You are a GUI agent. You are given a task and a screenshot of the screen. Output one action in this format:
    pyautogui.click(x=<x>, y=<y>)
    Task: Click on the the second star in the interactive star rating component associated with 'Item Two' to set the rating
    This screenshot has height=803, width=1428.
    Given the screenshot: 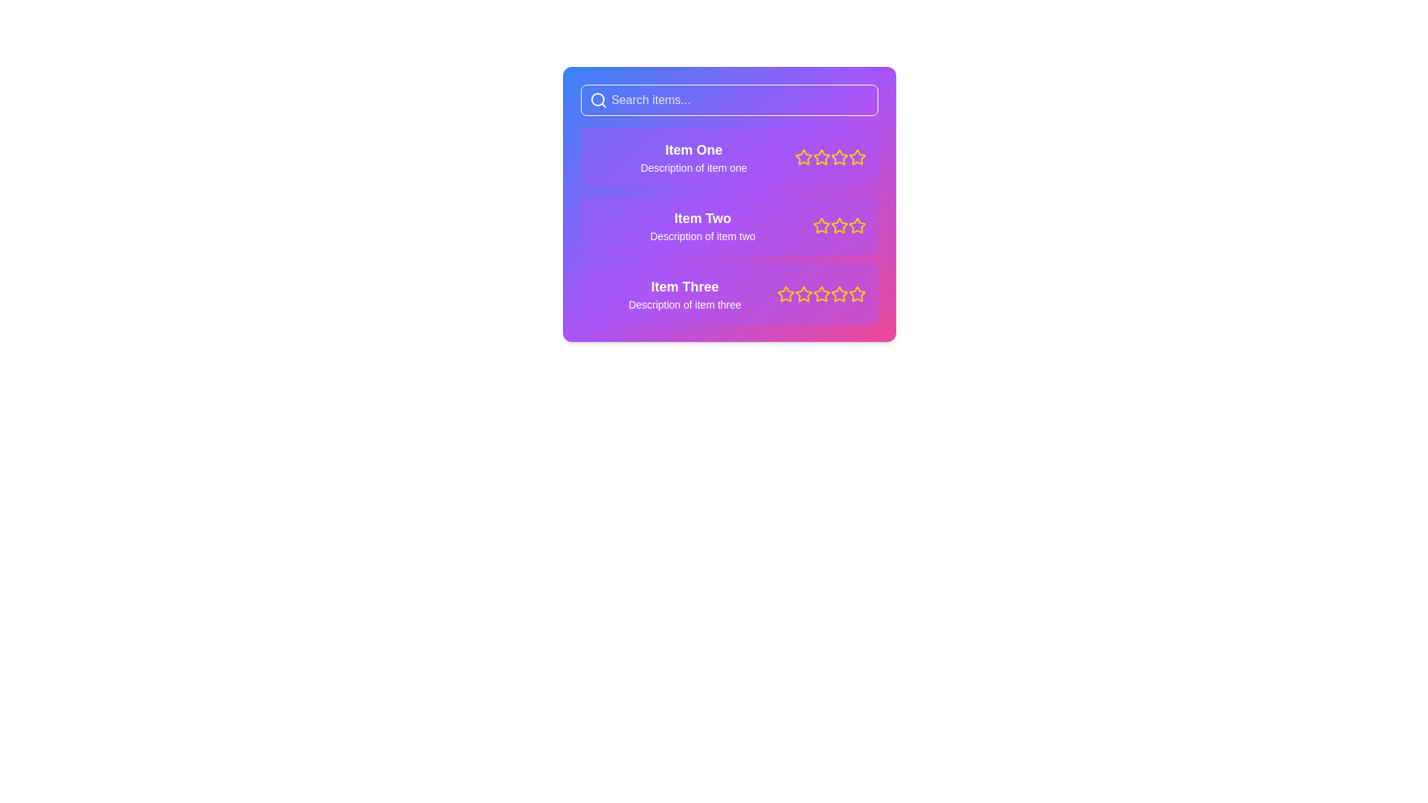 What is the action you would take?
    pyautogui.click(x=820, y=226)
    